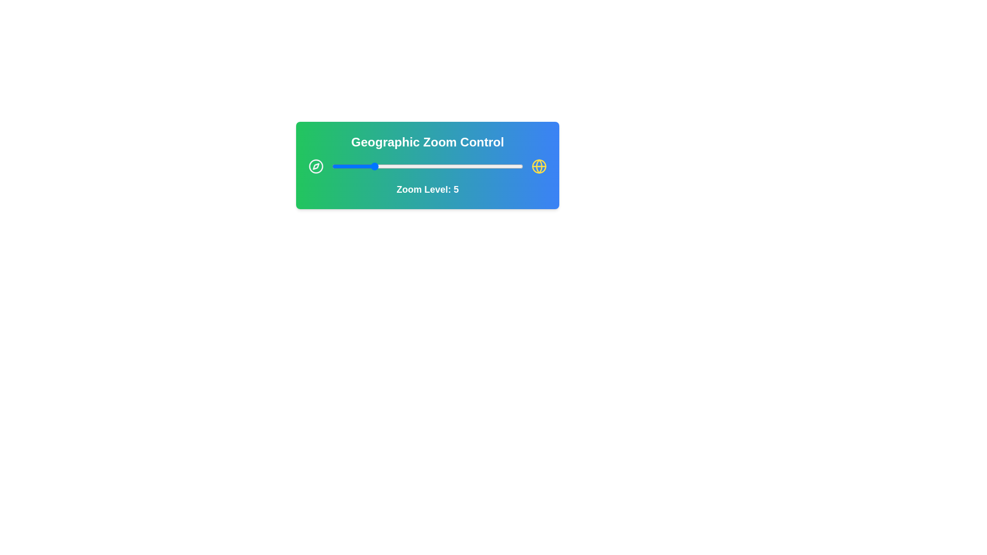  I want to click on the zoom level to 6 by interacting with the slider, so click(381, 166).